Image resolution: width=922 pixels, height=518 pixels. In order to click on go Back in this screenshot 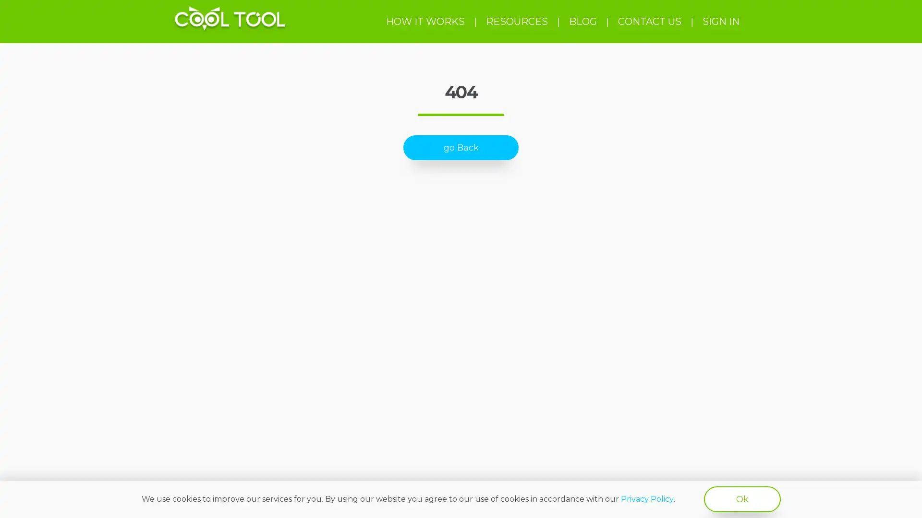, I will do `click(461, 148)`.